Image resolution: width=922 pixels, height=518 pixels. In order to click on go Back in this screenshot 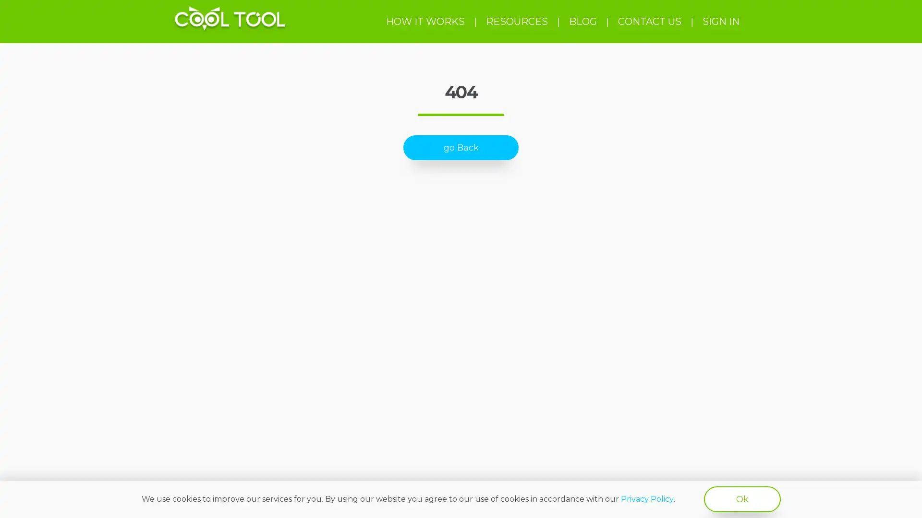, I will do `click(461, 148)`.